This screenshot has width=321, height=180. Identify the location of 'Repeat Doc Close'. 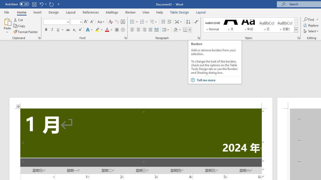
(51, 4).